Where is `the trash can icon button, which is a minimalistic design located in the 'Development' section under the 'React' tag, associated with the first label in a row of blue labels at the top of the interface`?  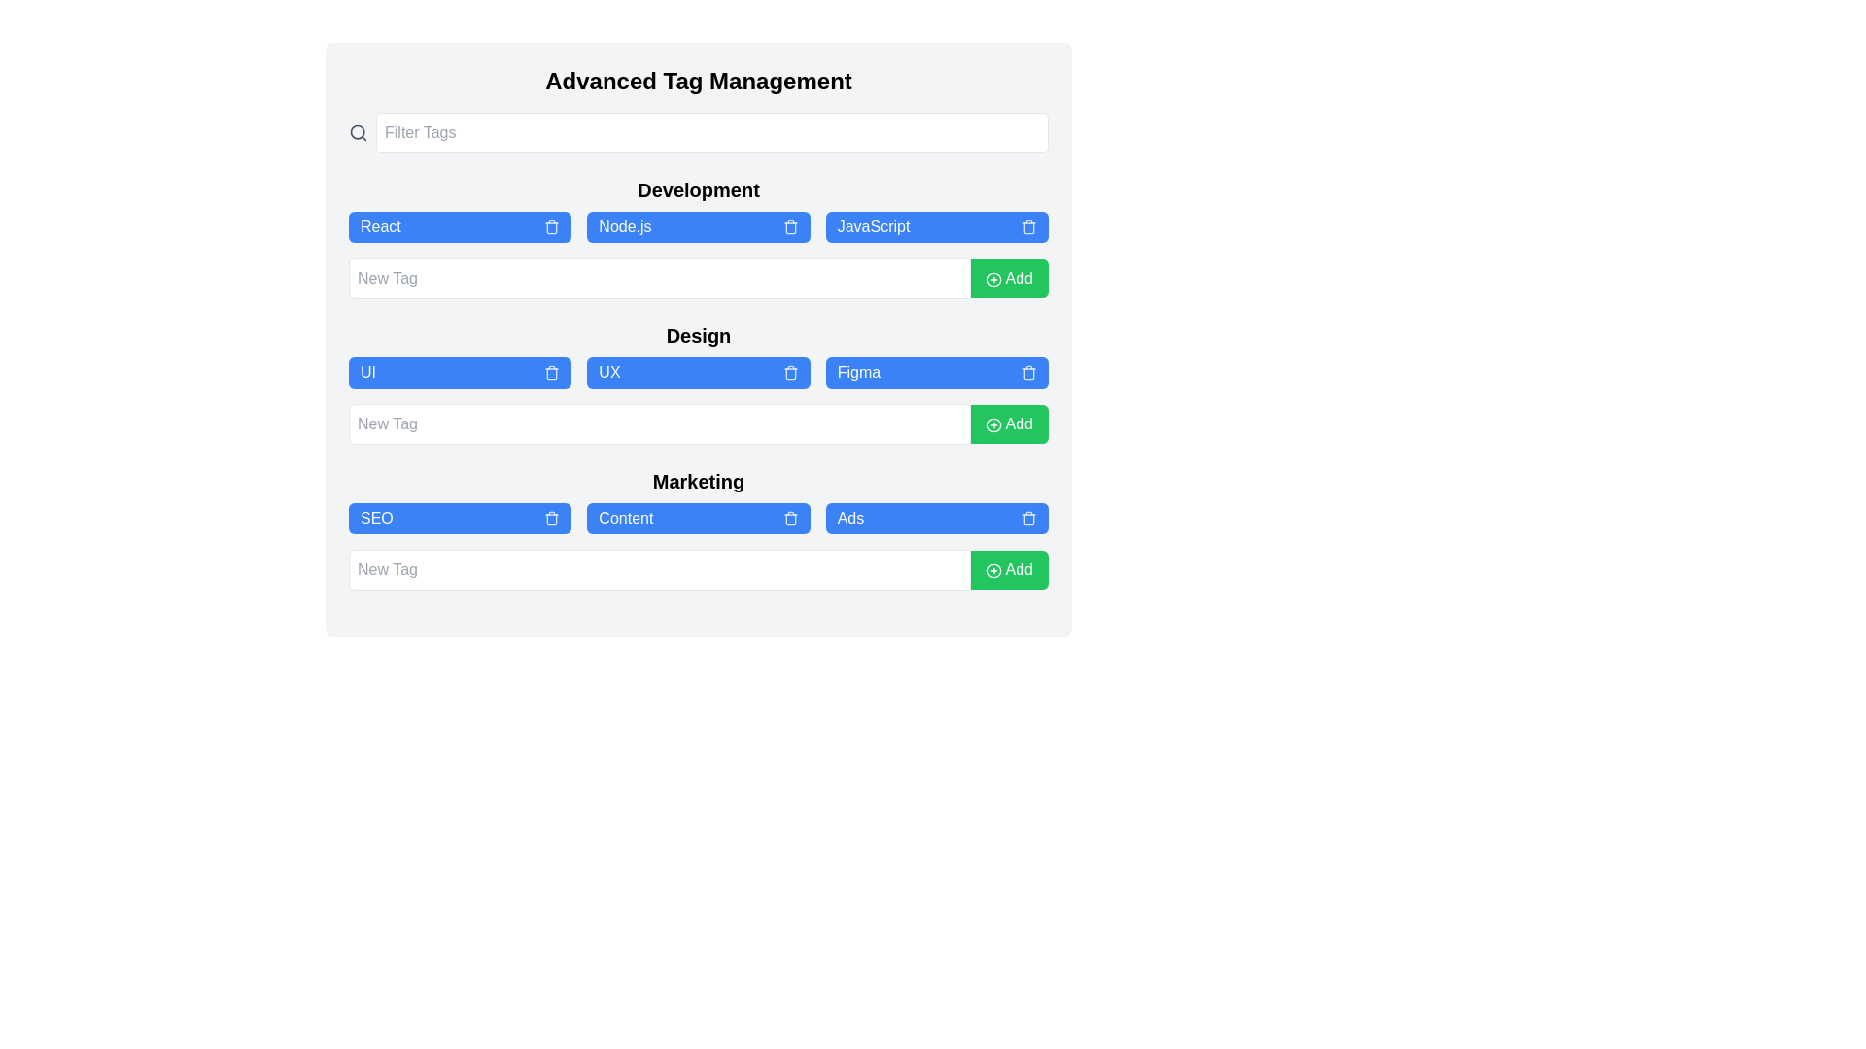
the trash can icon button, which is a minimalistic design located in the 'Development' section under the 'React' tag, associated with the first label in a row of blue labels at the top of the interface is located at coordinates (551, 227).